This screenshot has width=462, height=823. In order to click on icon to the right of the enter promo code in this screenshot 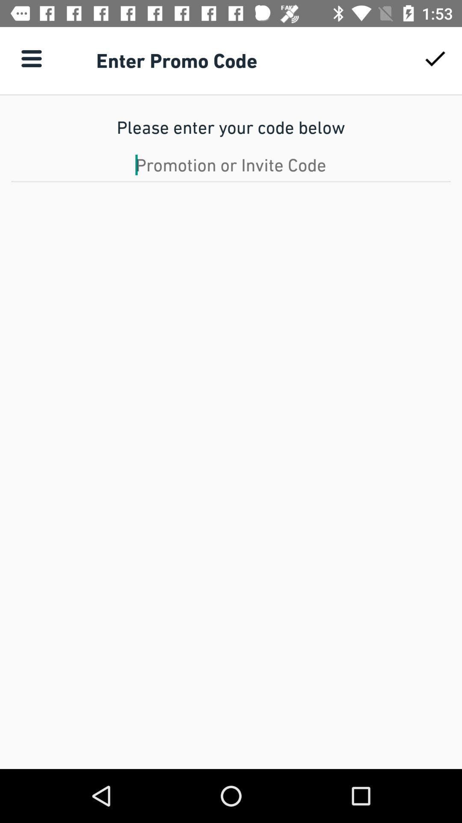, I will do `click(435, 58)`.